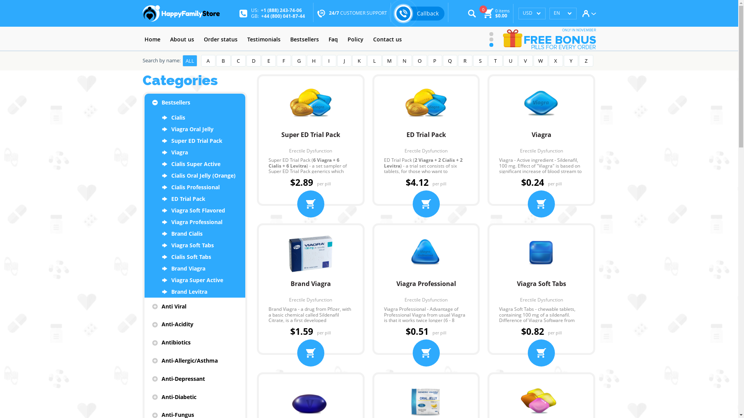  Describe the element at coordinates (195, 118) in the screenshot. I see `'Cialis'` at that location.